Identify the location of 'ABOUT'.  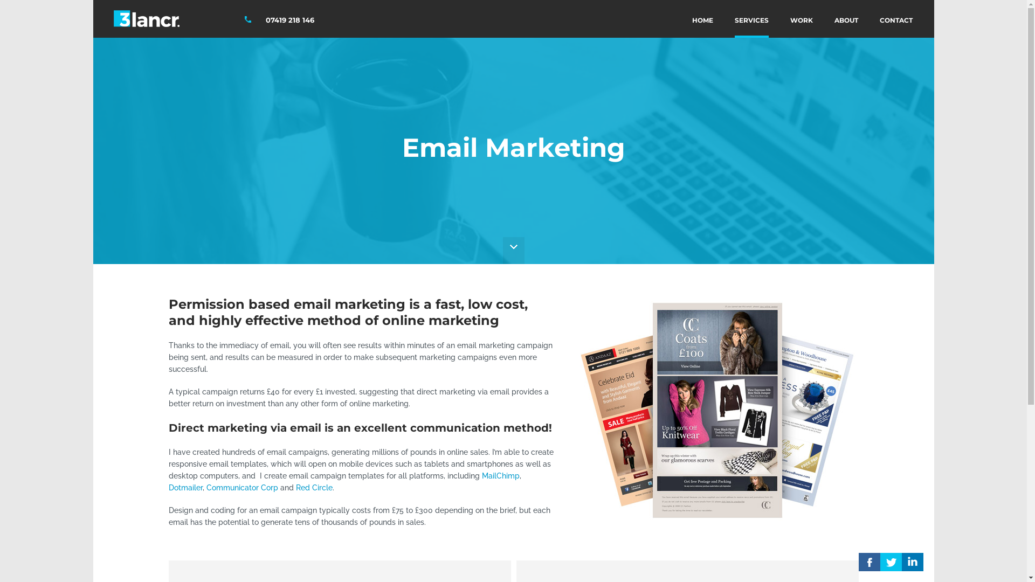
(845, 18).